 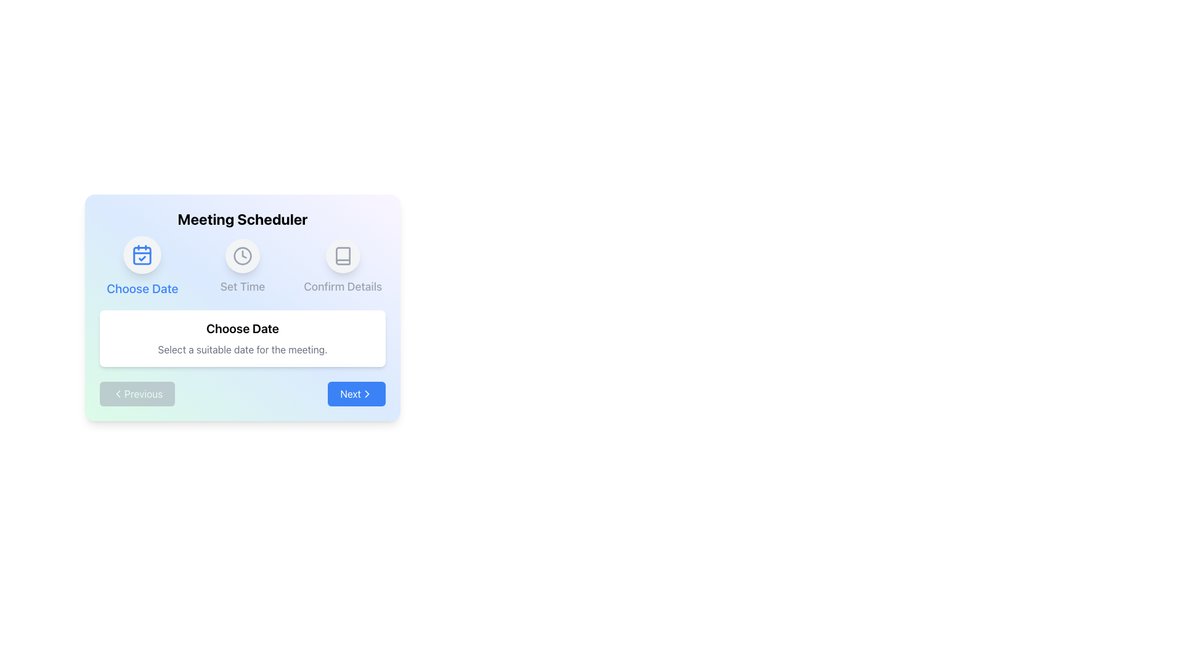 What do you see at coordinates (242, 256) in the screenshot?
I see `the innermost circular part of the clock icon located under the 'Set Time' label, which is styled in a minimalistic way and situated between the 'Choose Date' and 'Confirm Details' icons` at bounding box center [242, 256].